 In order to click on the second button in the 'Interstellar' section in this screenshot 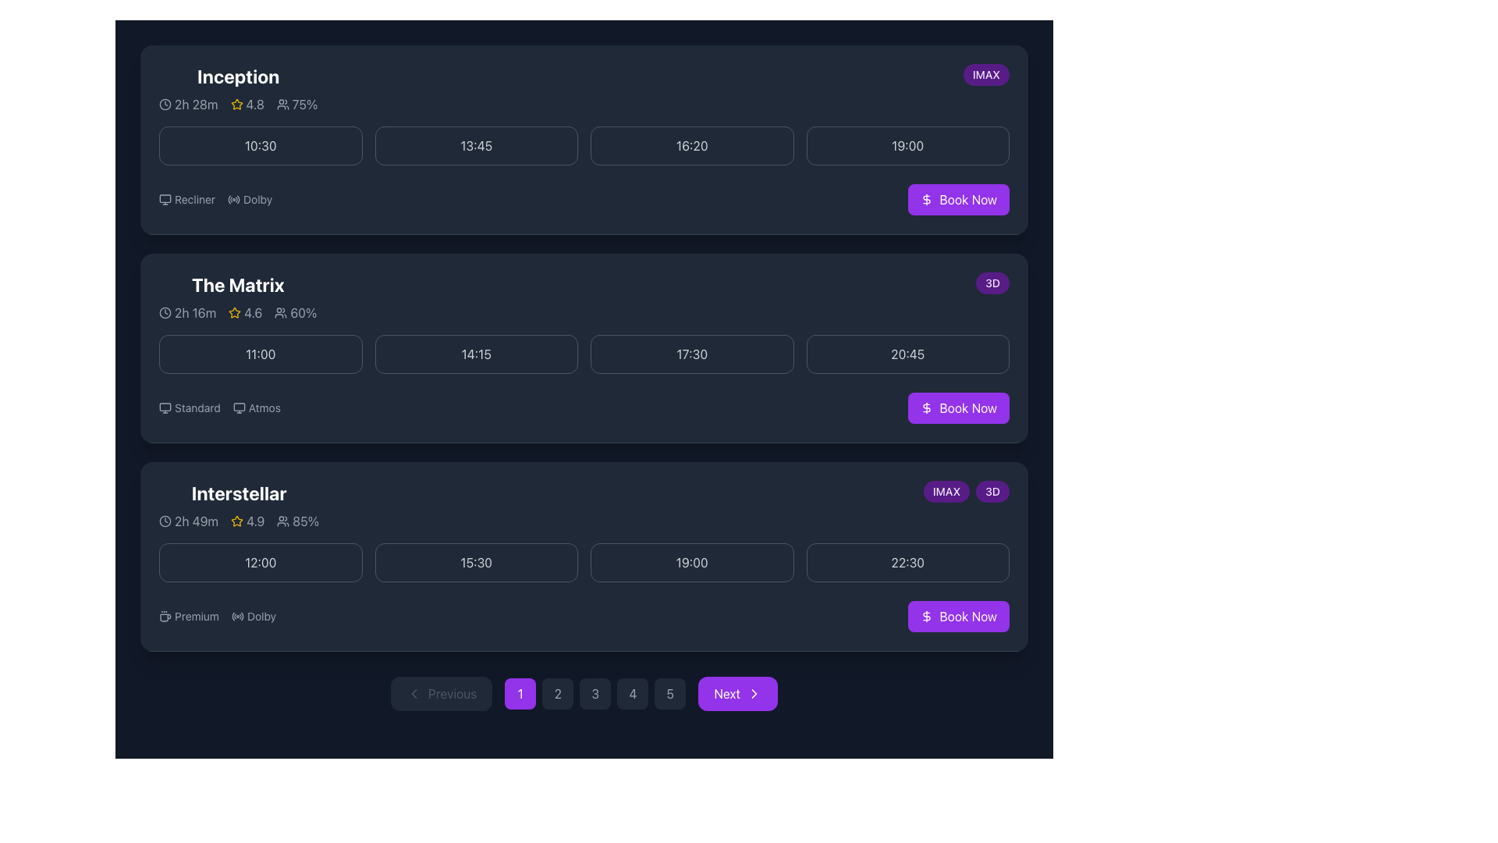, I will do `click(475, 563)`.